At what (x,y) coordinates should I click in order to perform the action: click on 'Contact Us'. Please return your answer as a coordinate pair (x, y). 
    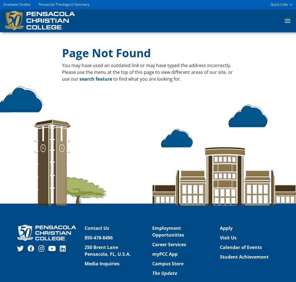
    Looking at the image, I should click on (96, 228).